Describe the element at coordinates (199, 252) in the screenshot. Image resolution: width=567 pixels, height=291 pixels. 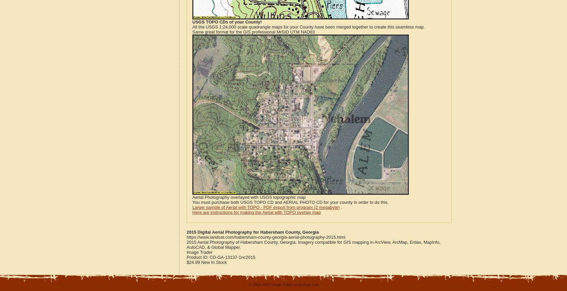
I see `'Image Trader'` at that location.